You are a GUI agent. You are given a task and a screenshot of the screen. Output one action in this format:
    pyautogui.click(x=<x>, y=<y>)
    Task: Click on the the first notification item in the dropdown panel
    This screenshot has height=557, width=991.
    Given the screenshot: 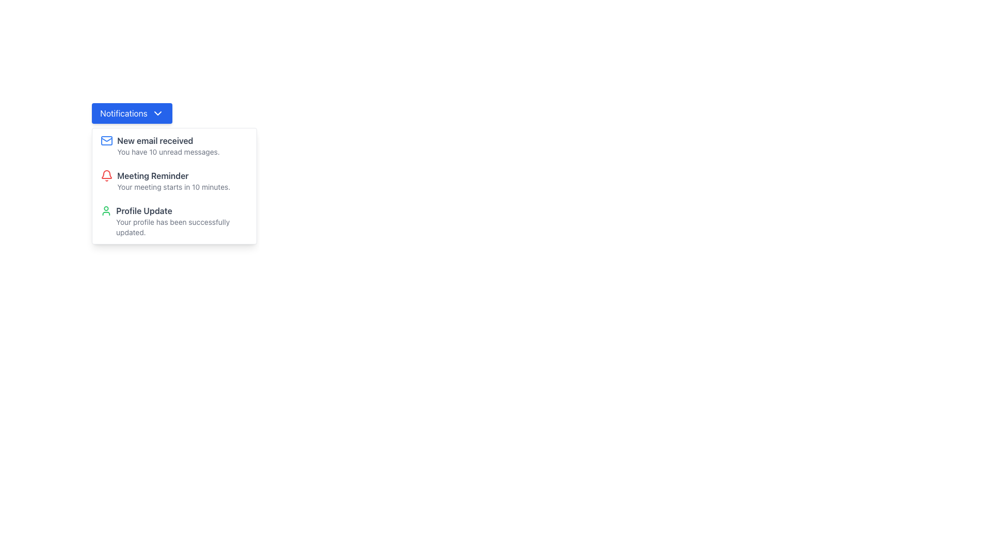 What is the action you would take?
    pyautogui.click(x=174, y=145)
    